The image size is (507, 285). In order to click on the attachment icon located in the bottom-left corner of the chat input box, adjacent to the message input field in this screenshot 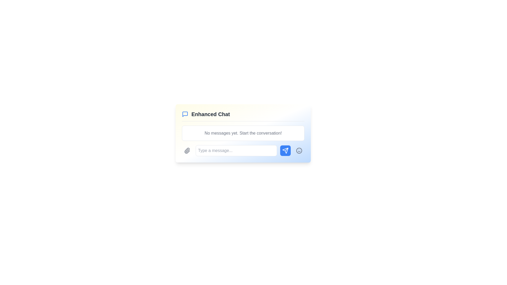, I will do `click(187, 150)`.